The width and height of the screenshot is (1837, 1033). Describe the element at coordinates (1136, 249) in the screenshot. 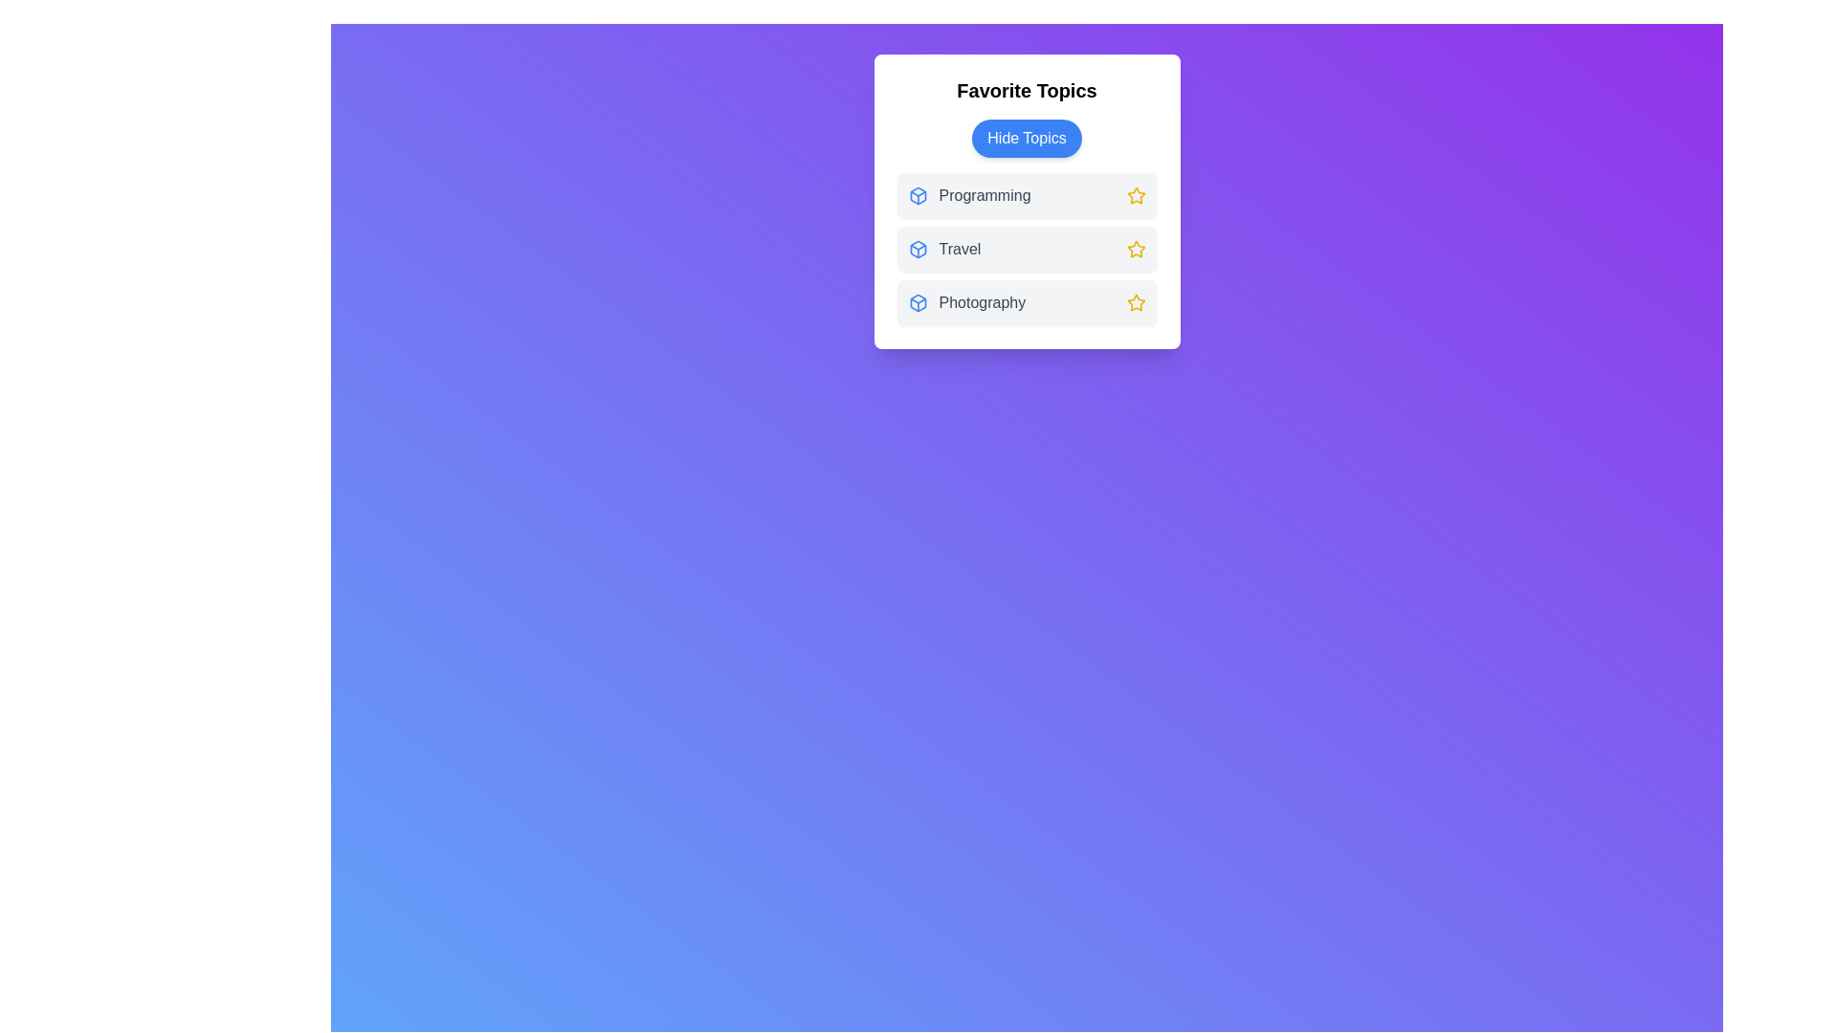

I see `the star icon next to the label 'Travel' in the second entry of the list` at that location.